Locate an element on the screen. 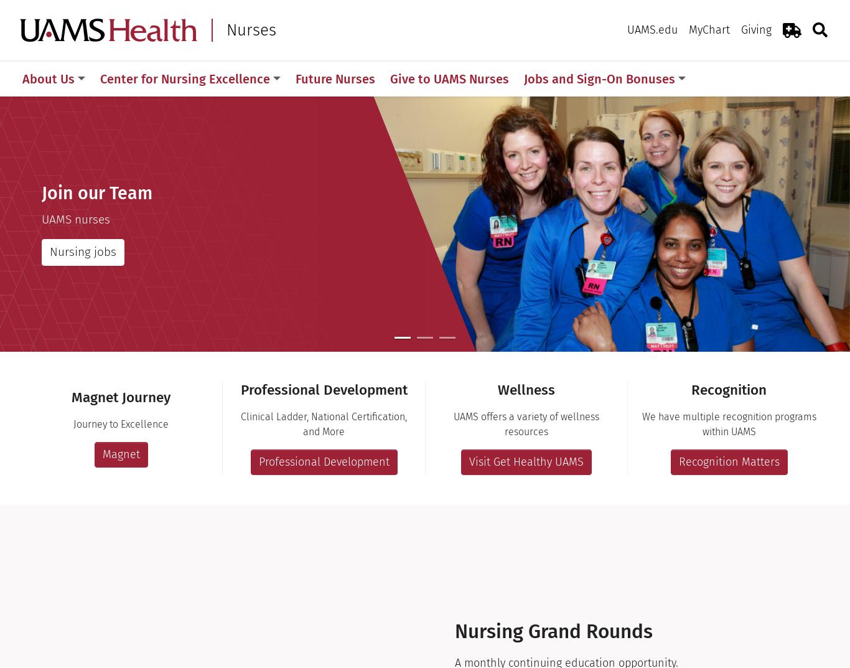  'Recognition' is located at coordinates (729, 389).